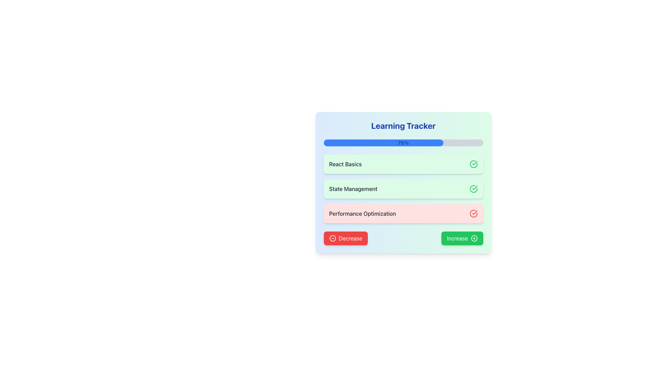 Image resolution: width=660 pixels, height=371 pixels. I want to click on the status of the 'State Management' Labeled Section, which is styled in green with a checkmark, indicating its completion within the Learning Tracker section, so click(403, 189).